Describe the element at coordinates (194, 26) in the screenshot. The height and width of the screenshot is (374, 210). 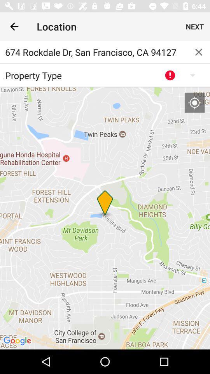
I see `icon to the right of the location` at that location.